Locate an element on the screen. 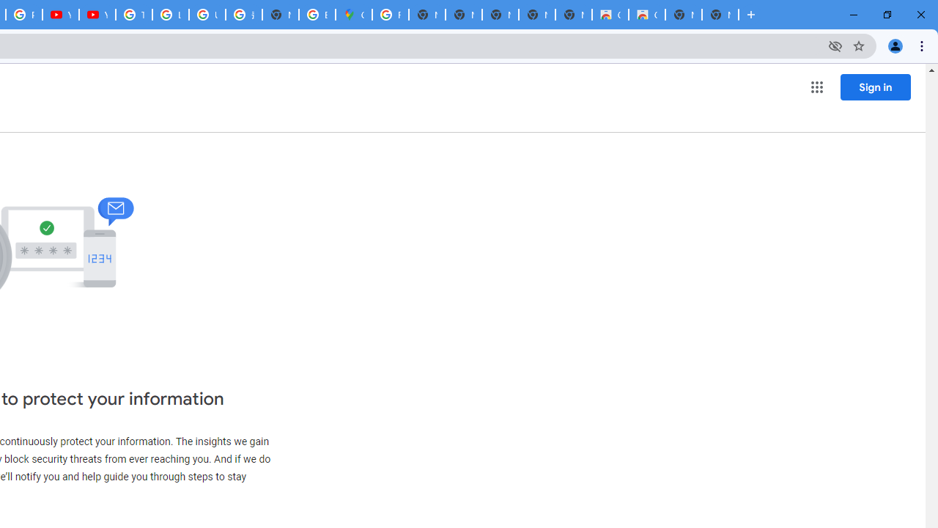 The width and height of the screenshot is (938, 528). 'Tips & tricks for Chrome - Google Chrome Help' is located at coordinates (134, 15).